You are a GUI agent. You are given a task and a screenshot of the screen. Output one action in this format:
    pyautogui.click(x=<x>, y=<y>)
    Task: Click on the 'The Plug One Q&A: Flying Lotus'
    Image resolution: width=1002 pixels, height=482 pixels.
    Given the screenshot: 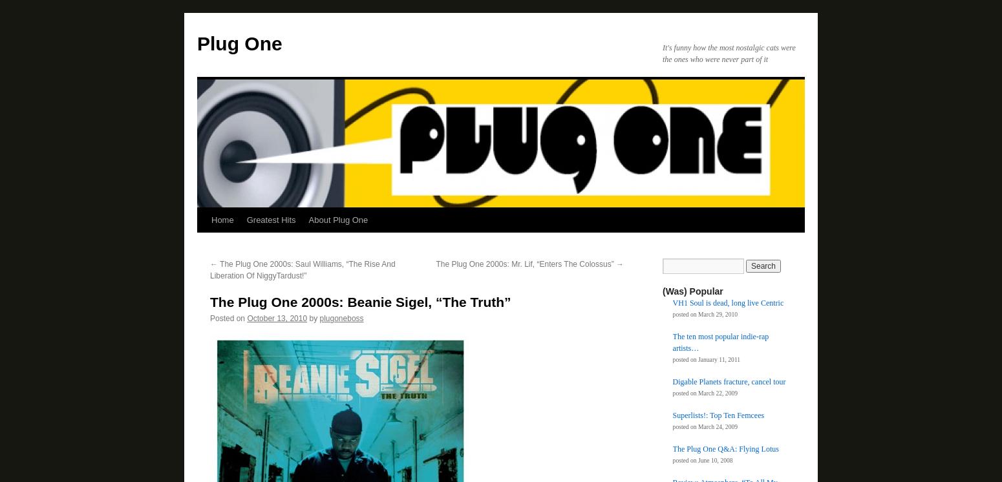 What is the action you would take?
    pyautogui.click(x=725, y=448)
    